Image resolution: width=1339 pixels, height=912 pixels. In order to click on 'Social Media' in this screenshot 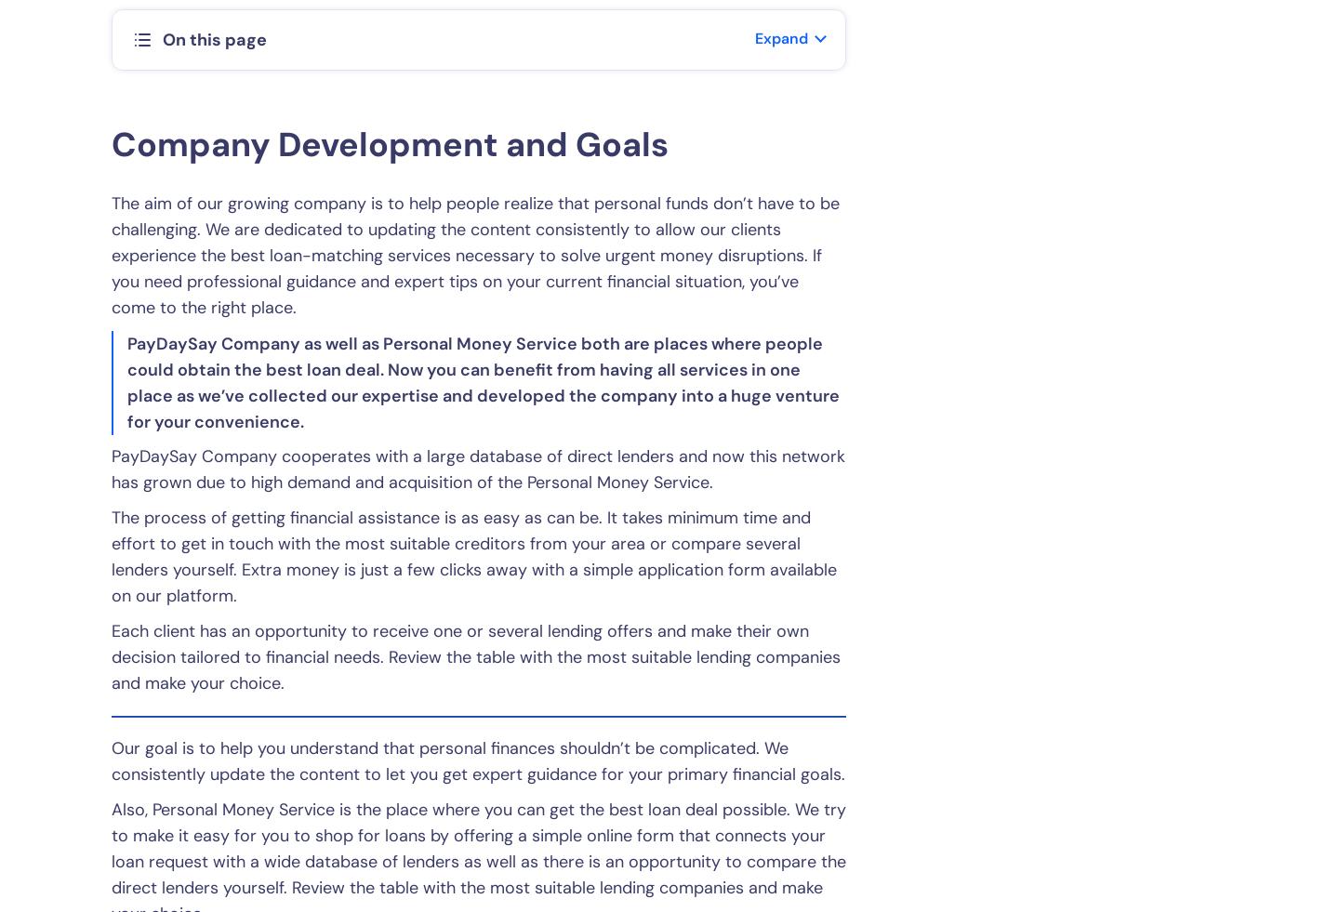, I will do `click(786, 397)`.